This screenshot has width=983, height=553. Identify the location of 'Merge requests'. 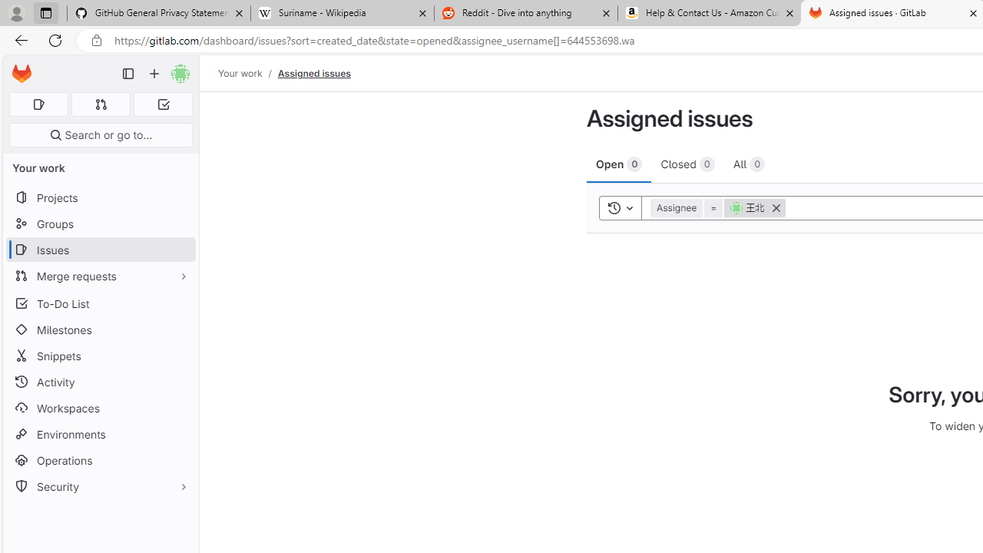
(100, 275).